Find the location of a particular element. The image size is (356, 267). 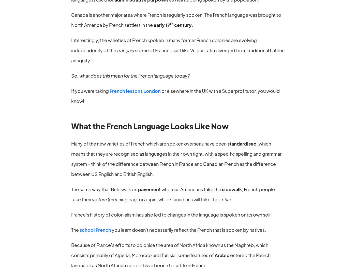

', which means that they are recognised as languages in their own right, with a specific spelling and grammar system – think of the difference between French in France and Canadian French as the difference between US English and British English.' is located at coordinates (176, 158).